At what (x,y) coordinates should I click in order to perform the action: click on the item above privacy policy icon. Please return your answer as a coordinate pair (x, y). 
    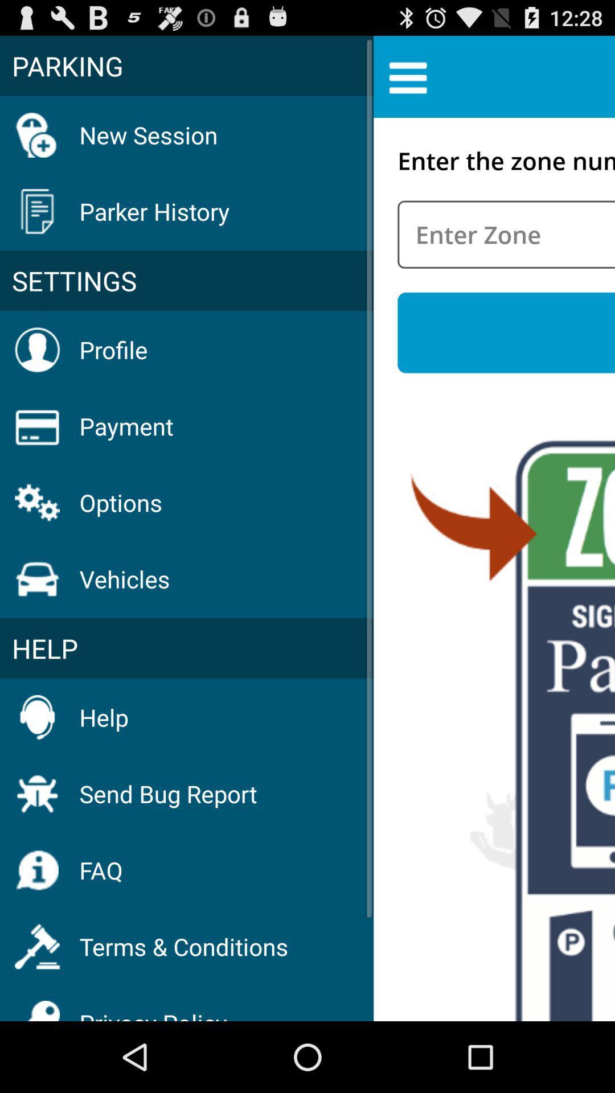
    Looking at the image, I should click on (183, 946).